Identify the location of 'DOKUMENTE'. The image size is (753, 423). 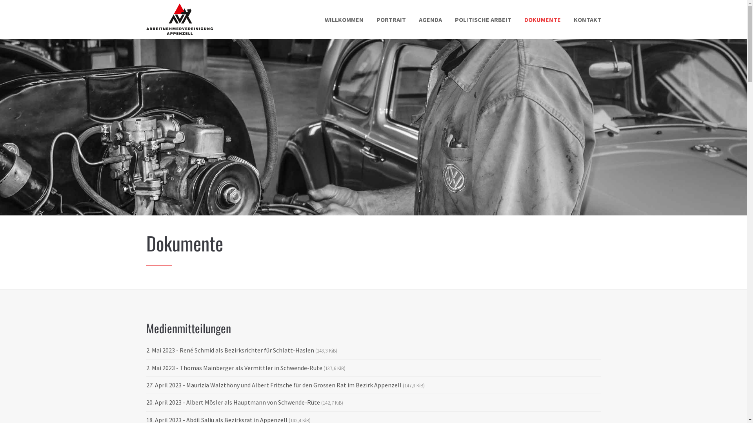
(542, 19).